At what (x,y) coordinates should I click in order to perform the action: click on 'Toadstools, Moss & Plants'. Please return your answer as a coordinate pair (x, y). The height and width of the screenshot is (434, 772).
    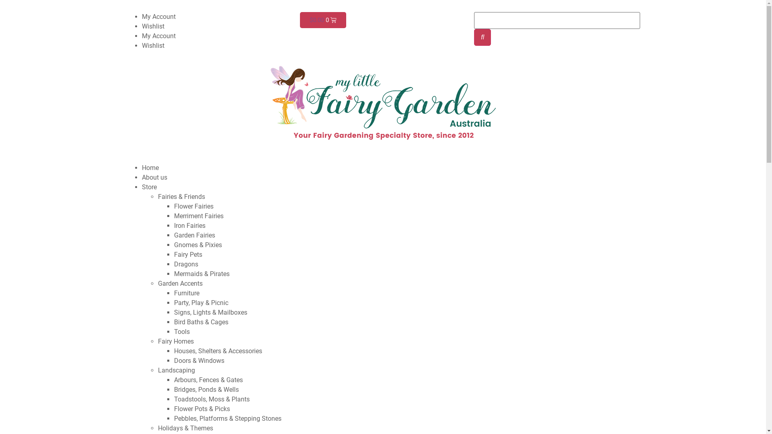
    Looking at the image, I should click on (211, 399).